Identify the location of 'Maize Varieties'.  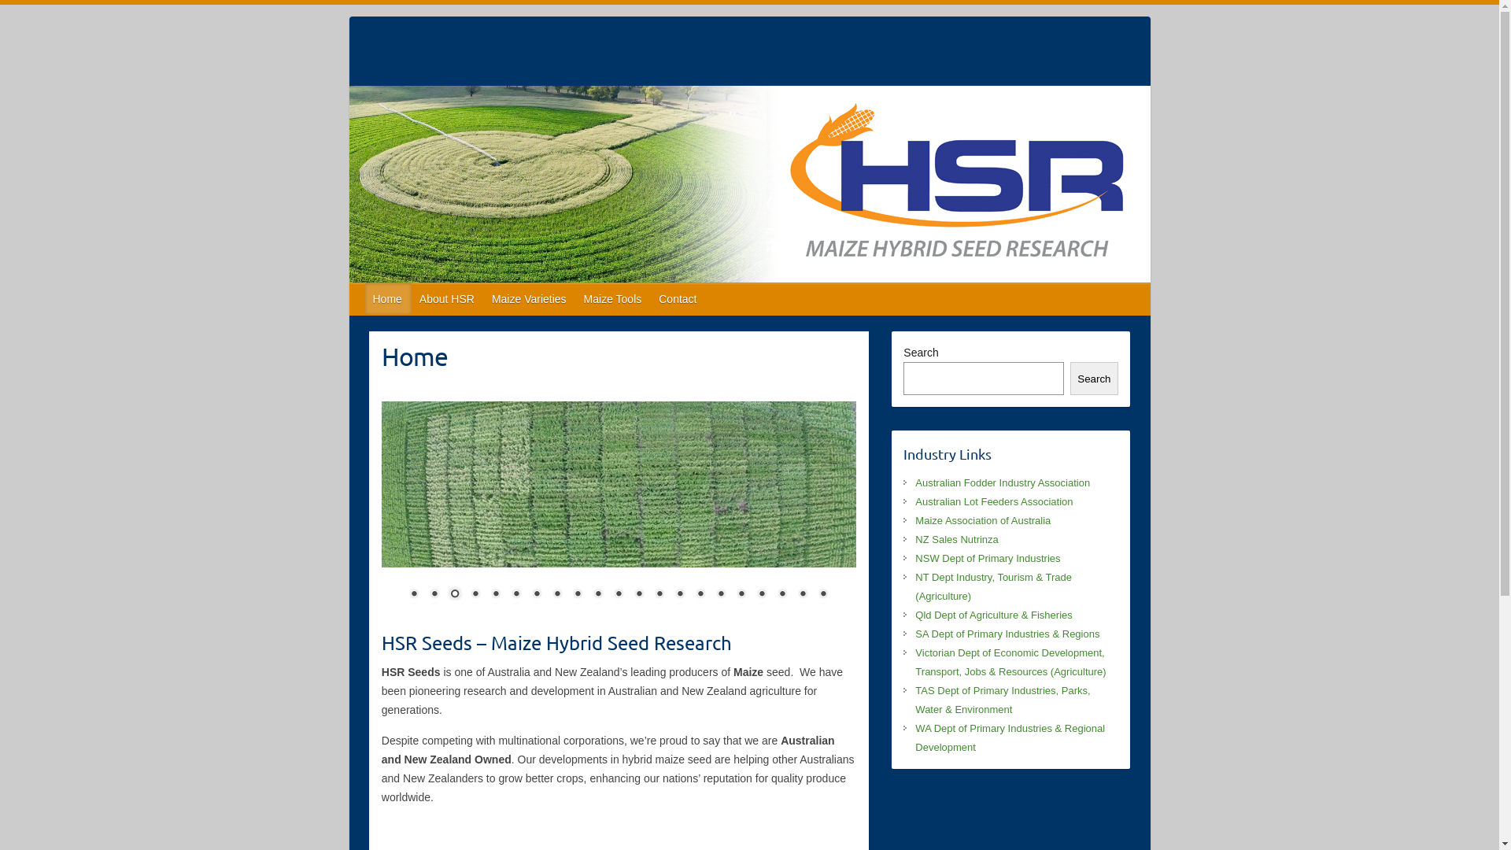
(530, 299).